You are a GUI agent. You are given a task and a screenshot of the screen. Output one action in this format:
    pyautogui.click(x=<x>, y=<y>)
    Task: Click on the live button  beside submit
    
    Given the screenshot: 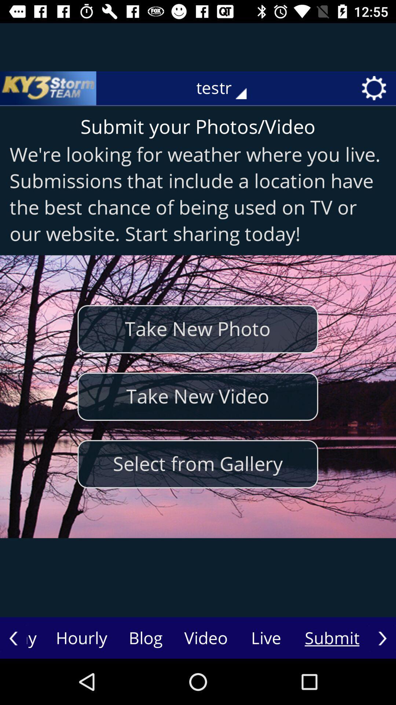 What is the action you would take?
    pyautogui.click(x=266, y=638)
    